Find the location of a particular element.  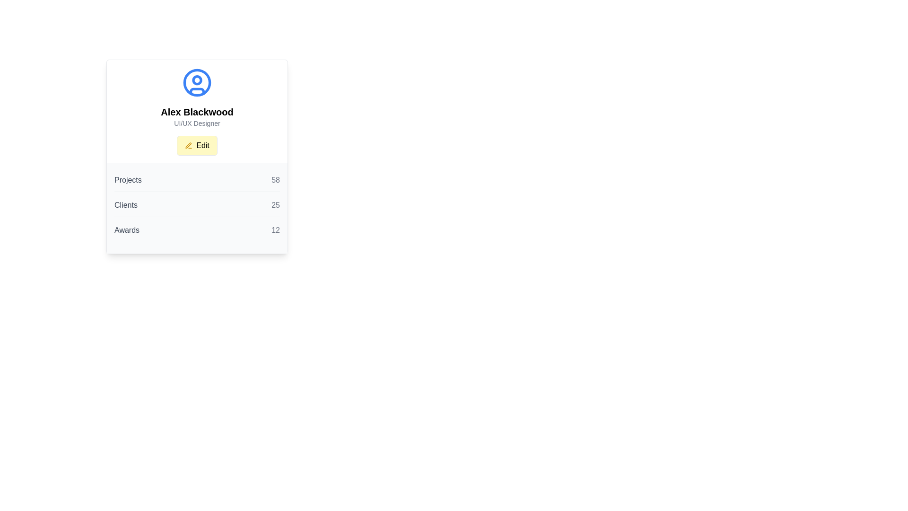

the decorative circle element of the user profile icon, which is centrally located within the blue circular outline of the head section is located at coordinates (197, 79).